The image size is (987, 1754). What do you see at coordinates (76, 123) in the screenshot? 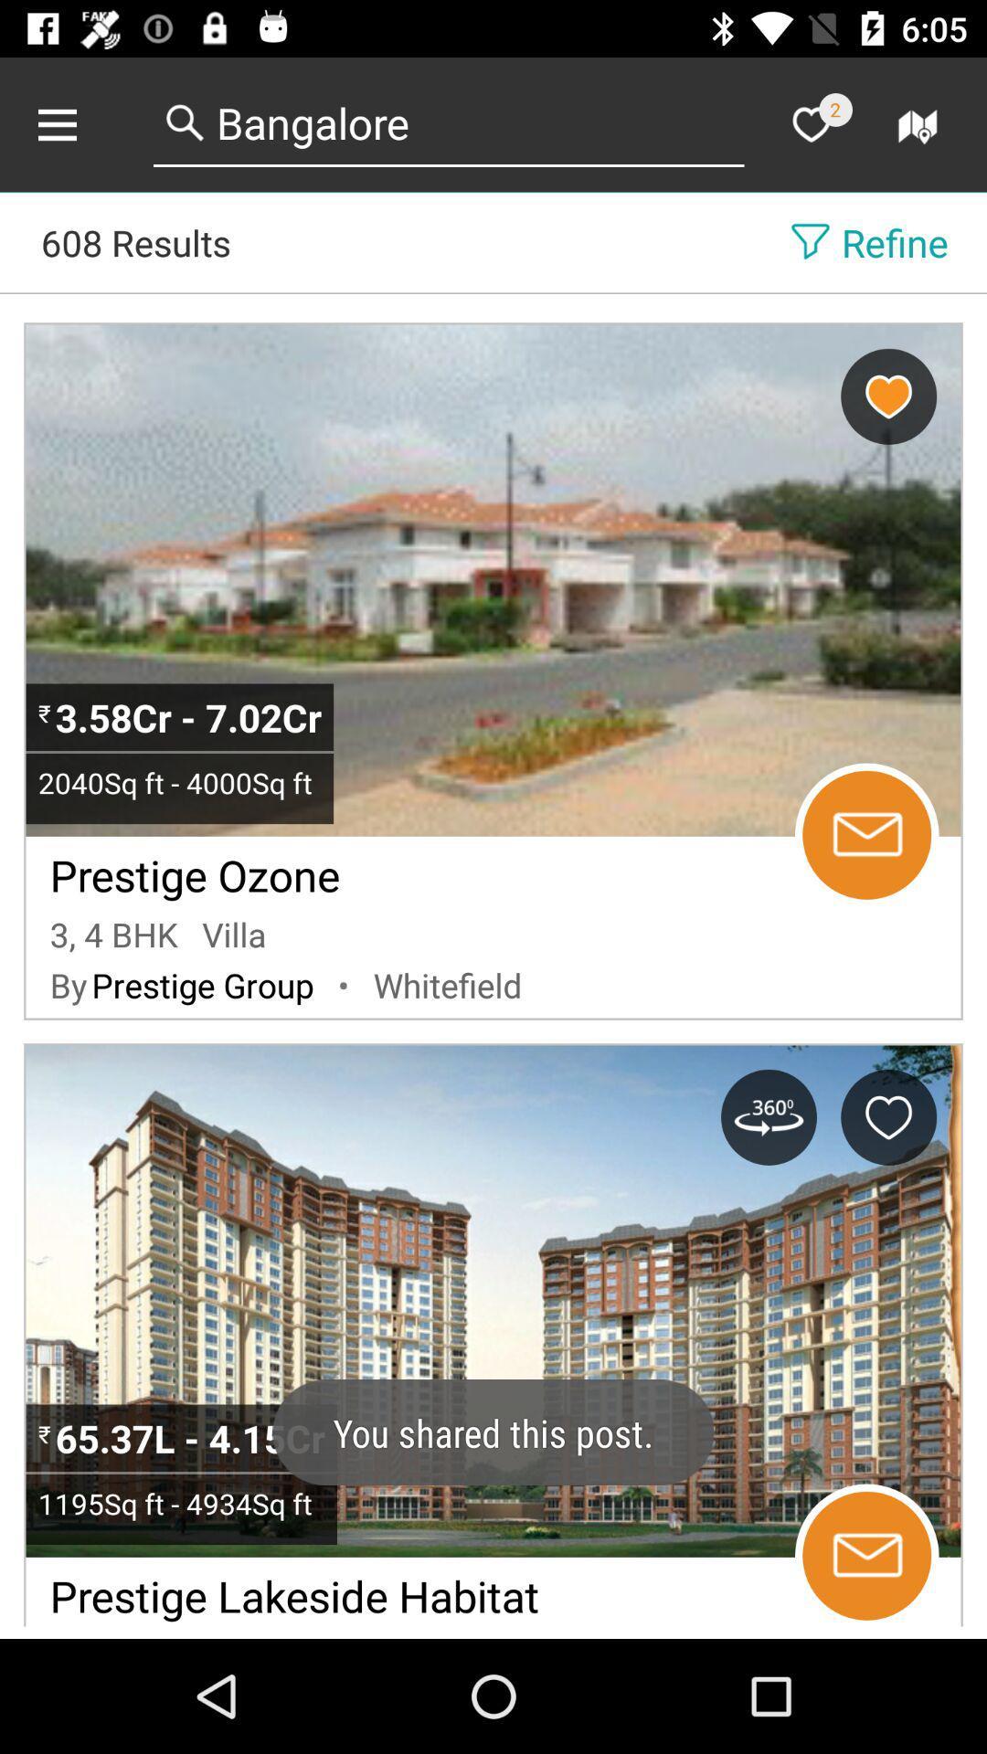
I see `the menu icon` at bounding box center [76, 123].